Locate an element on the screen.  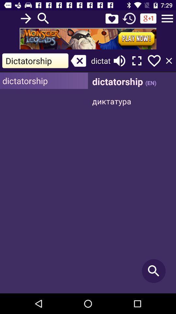
the one  which is left side to the cross mark in the first is located at coordinates (35, 61).